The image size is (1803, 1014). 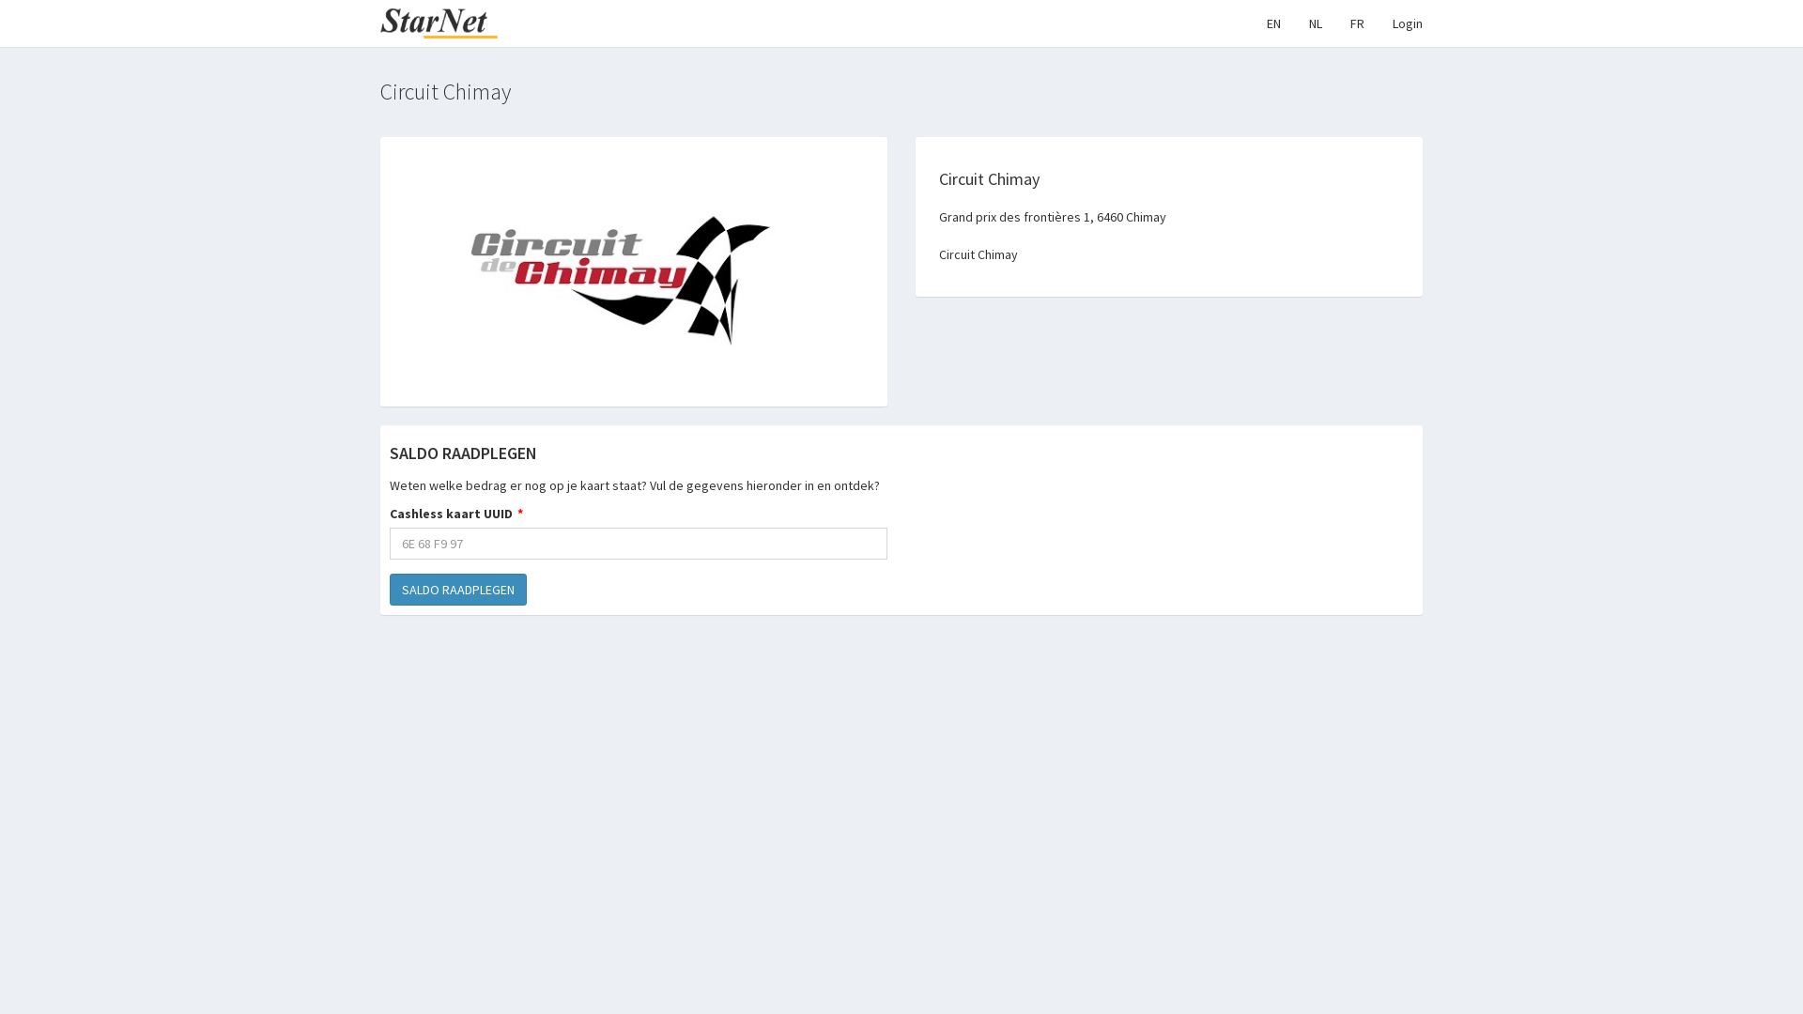 I want to click on 'EN', so click(x=1273, y=23).